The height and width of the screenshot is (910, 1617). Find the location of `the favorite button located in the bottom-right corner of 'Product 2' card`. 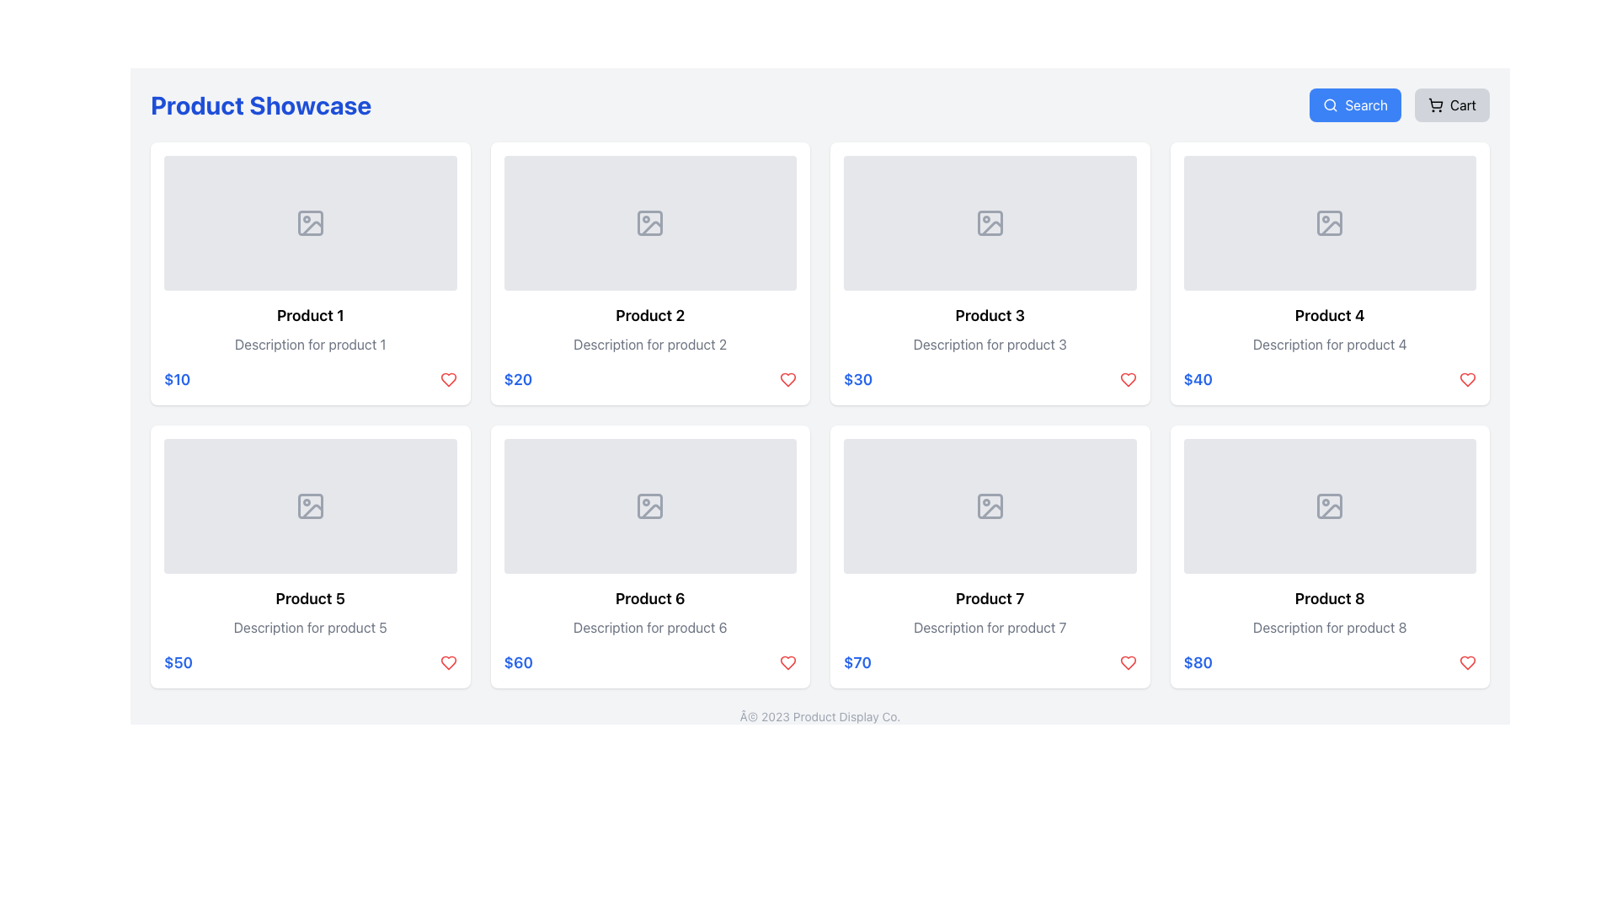

the favorite button located in the bottom-right corner of 'Product 2' card is located at coordinates (787, 380).